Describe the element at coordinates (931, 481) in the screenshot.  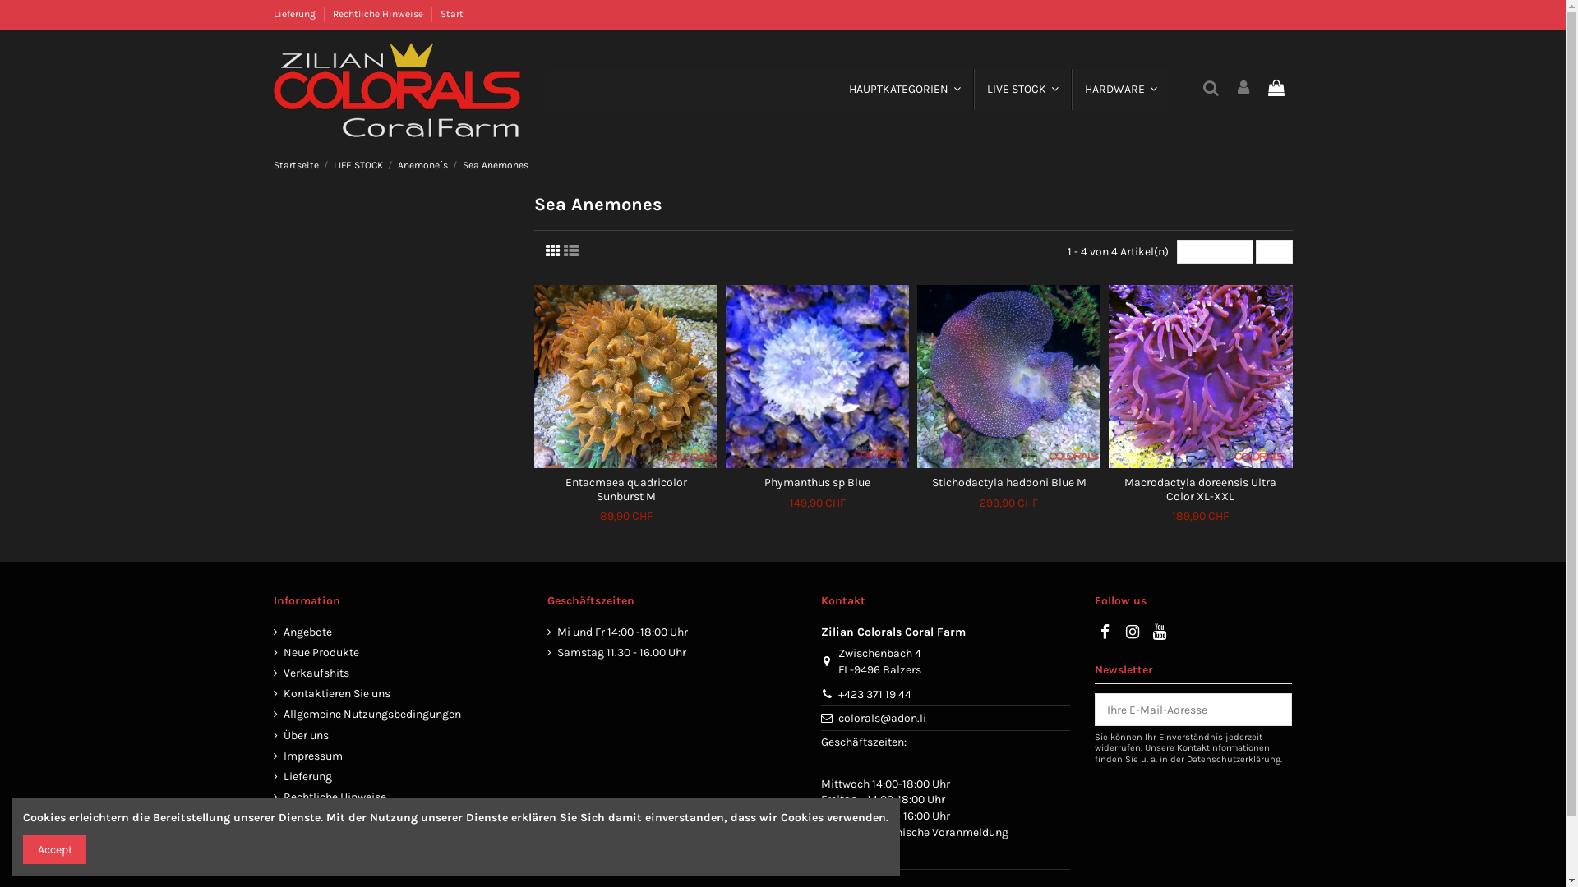
I see `'Stichodactyla haddoni Blue M'` at that location.